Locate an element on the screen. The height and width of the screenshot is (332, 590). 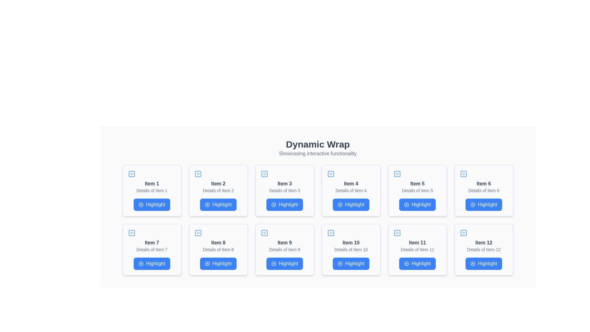
the 'Highlight' button located at the bottom of the card labeled 'Item 3' in the grid layout is located at coordinates (284, 205).